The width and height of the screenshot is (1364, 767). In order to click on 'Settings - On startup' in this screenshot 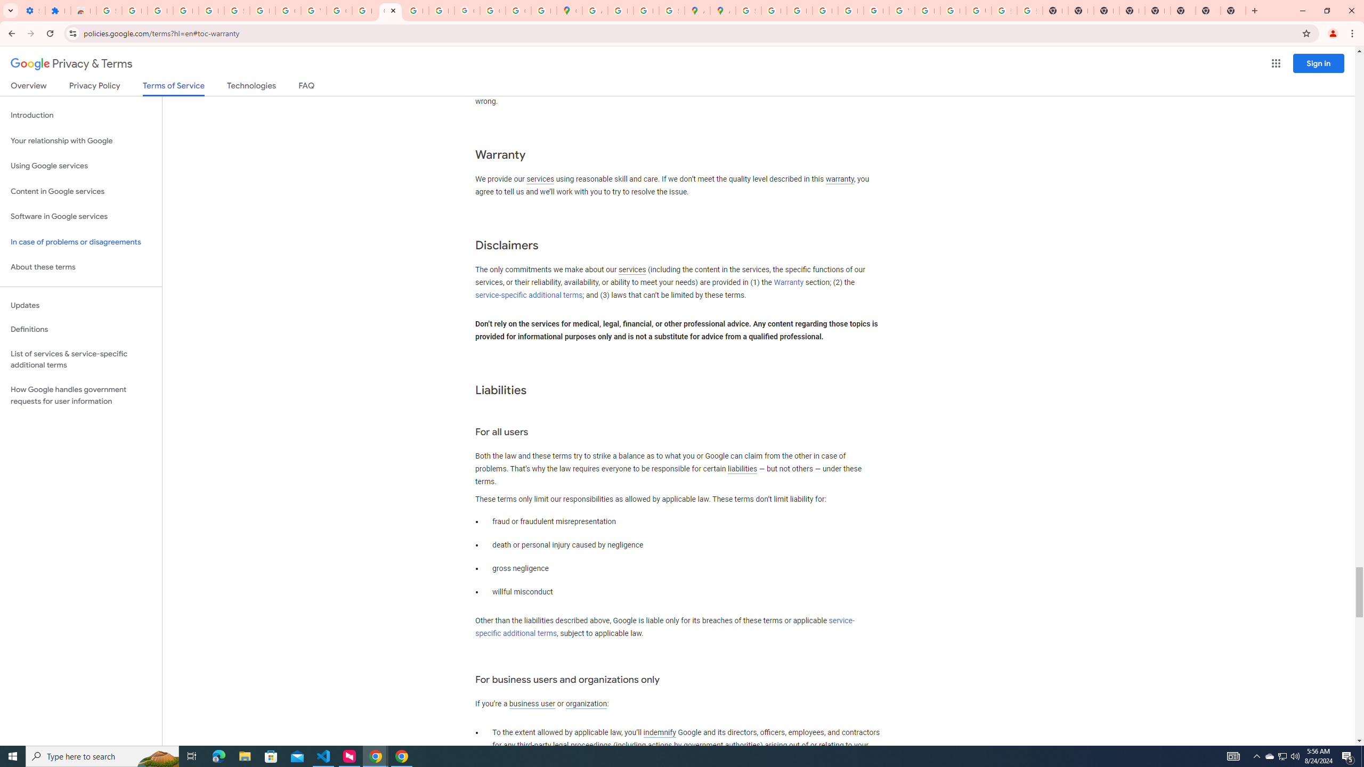, I will do `click(33, 10)`.